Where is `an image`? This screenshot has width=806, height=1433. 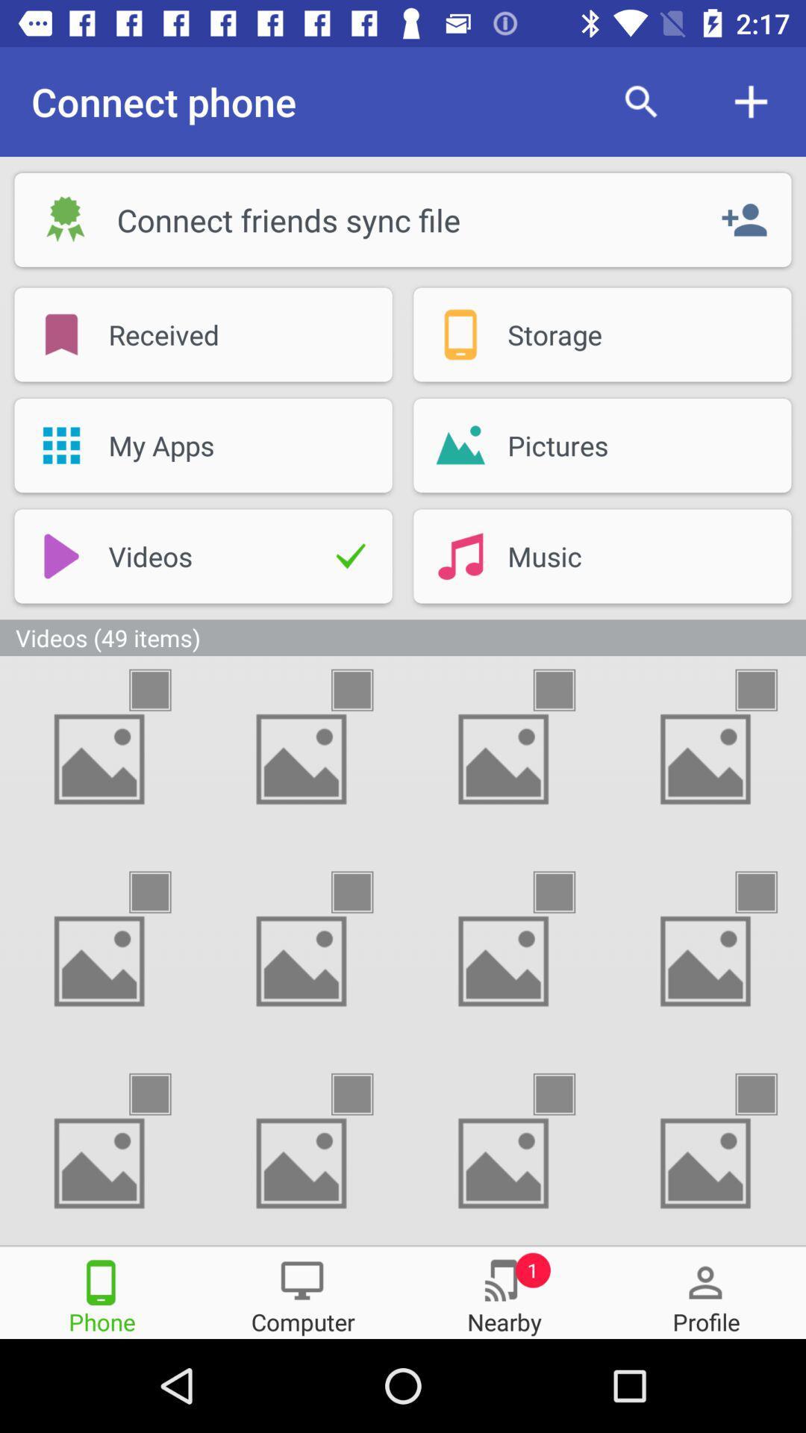
an image is located at coordinates (366, 1094).